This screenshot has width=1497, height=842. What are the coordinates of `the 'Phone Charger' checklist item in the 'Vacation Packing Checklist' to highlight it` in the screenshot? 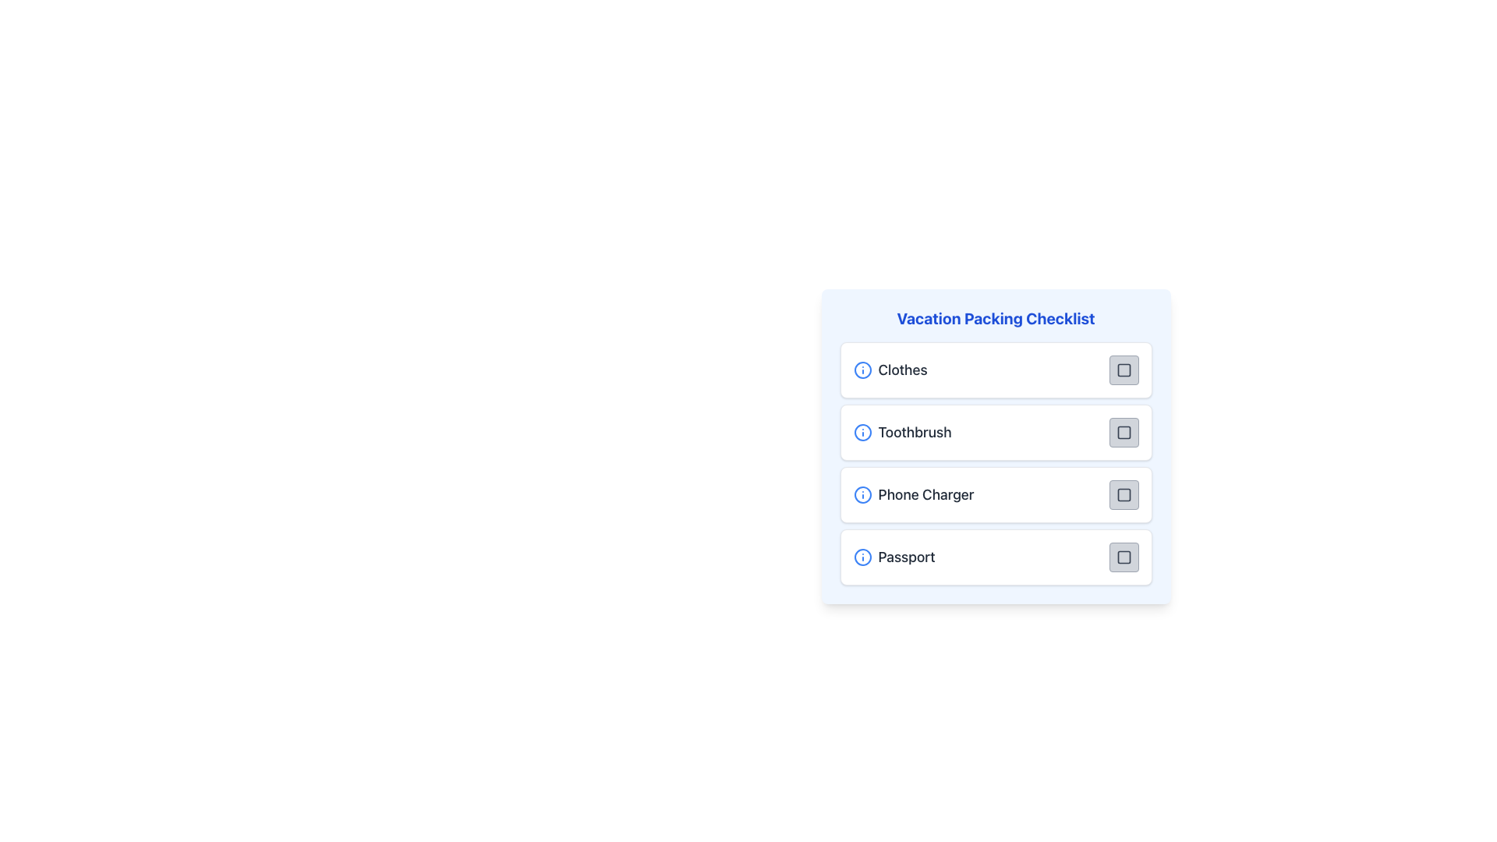 It's located at (913, 495).